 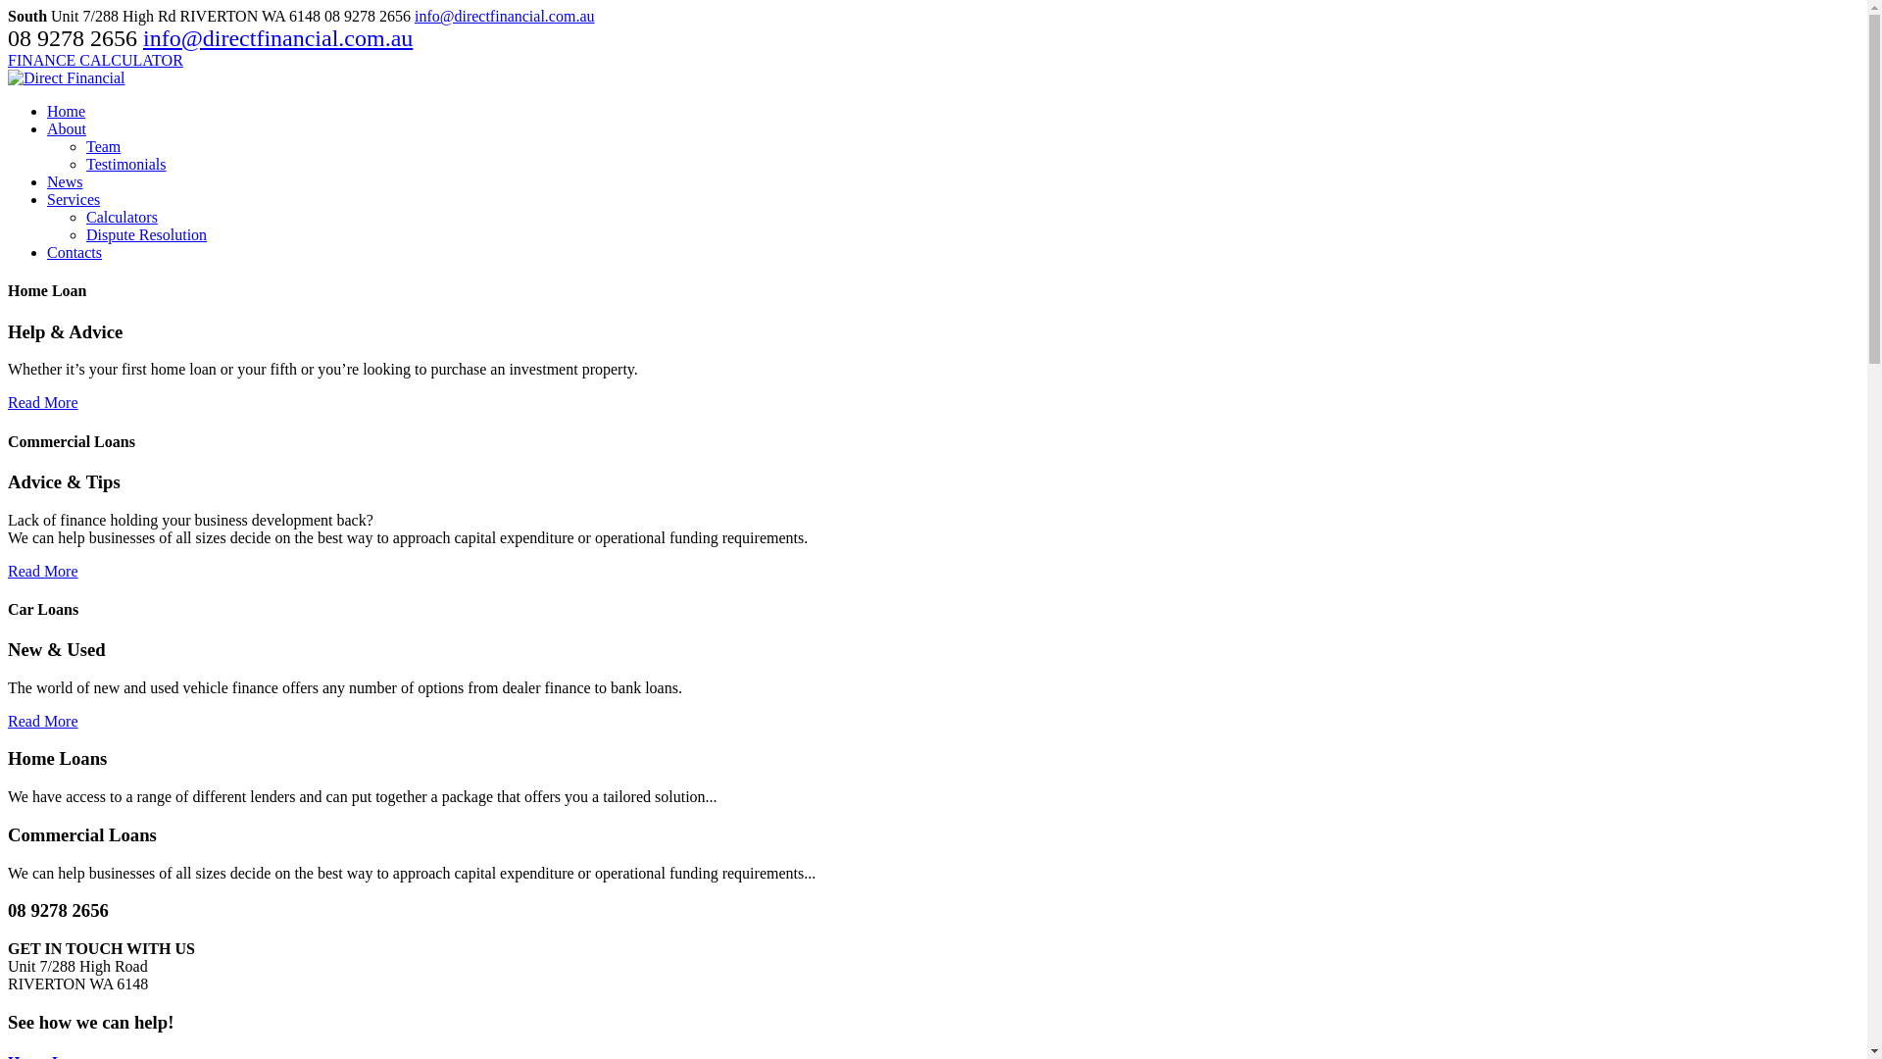 What do you see at coordinates (66, 111) in the screenshot?
I see `'Home'` at bounding box center [66, 111].